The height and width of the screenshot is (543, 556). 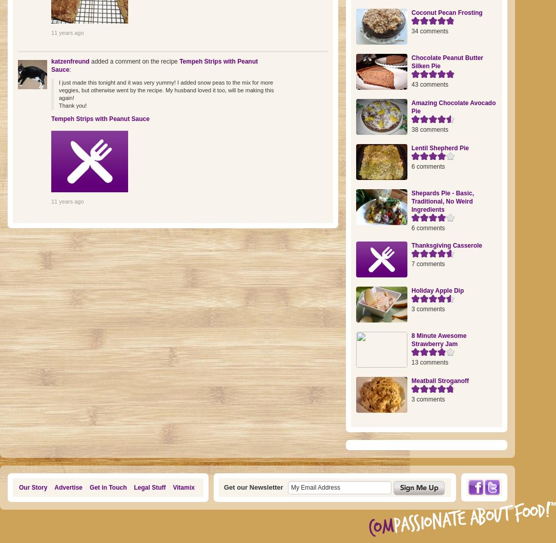 What do you see at coordinates (430, 129) in the screenshot?
I see `'38 comments'` at bounding box center [430, 129].